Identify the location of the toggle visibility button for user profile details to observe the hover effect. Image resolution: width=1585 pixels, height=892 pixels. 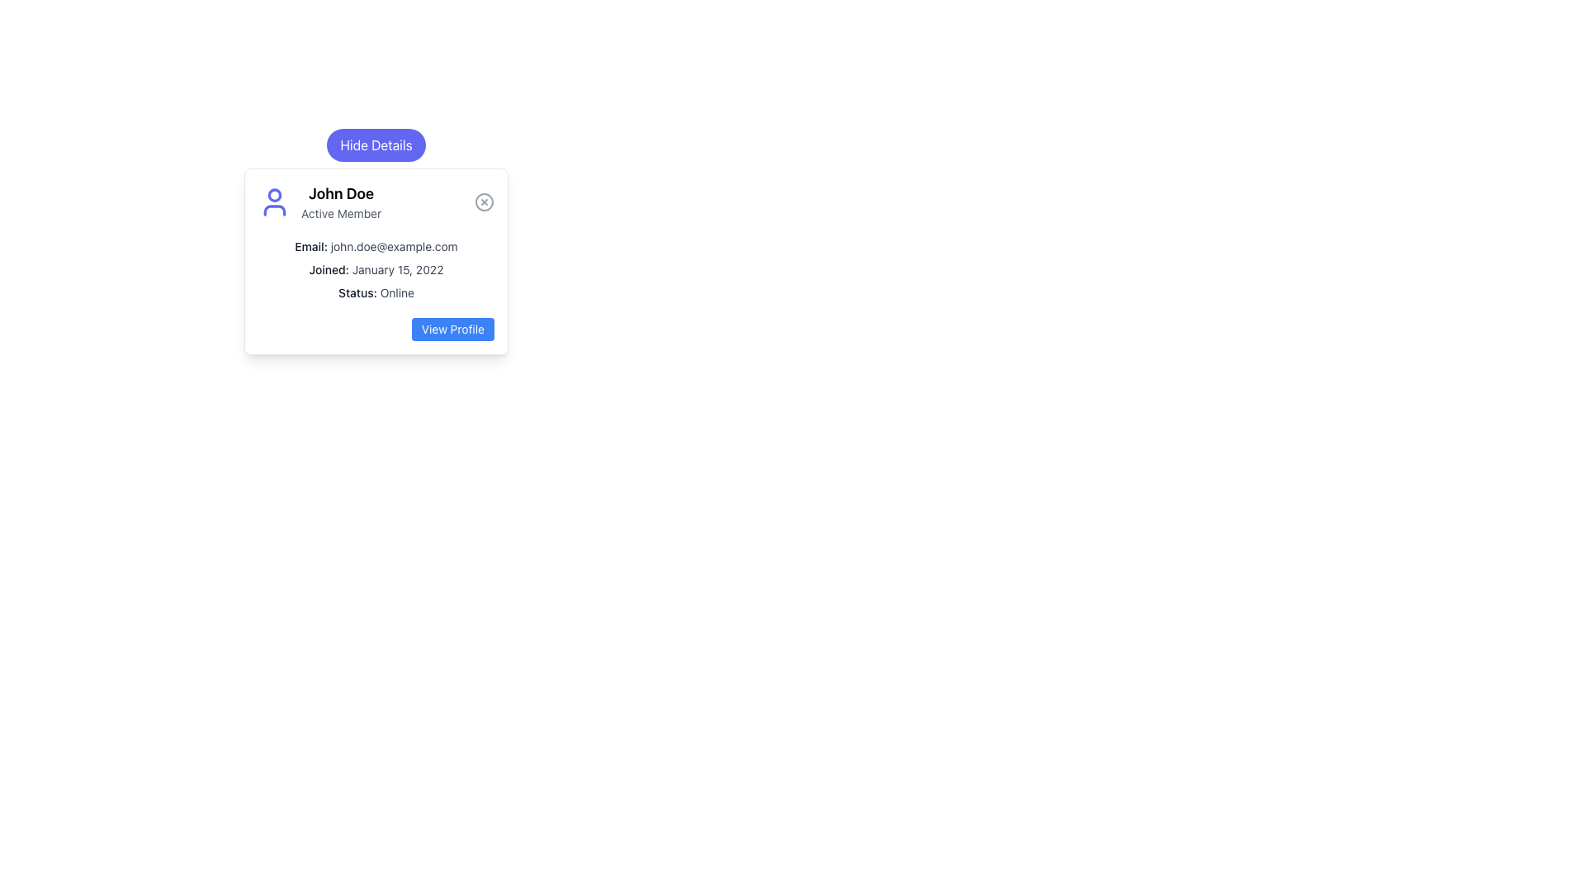
(376, 145).